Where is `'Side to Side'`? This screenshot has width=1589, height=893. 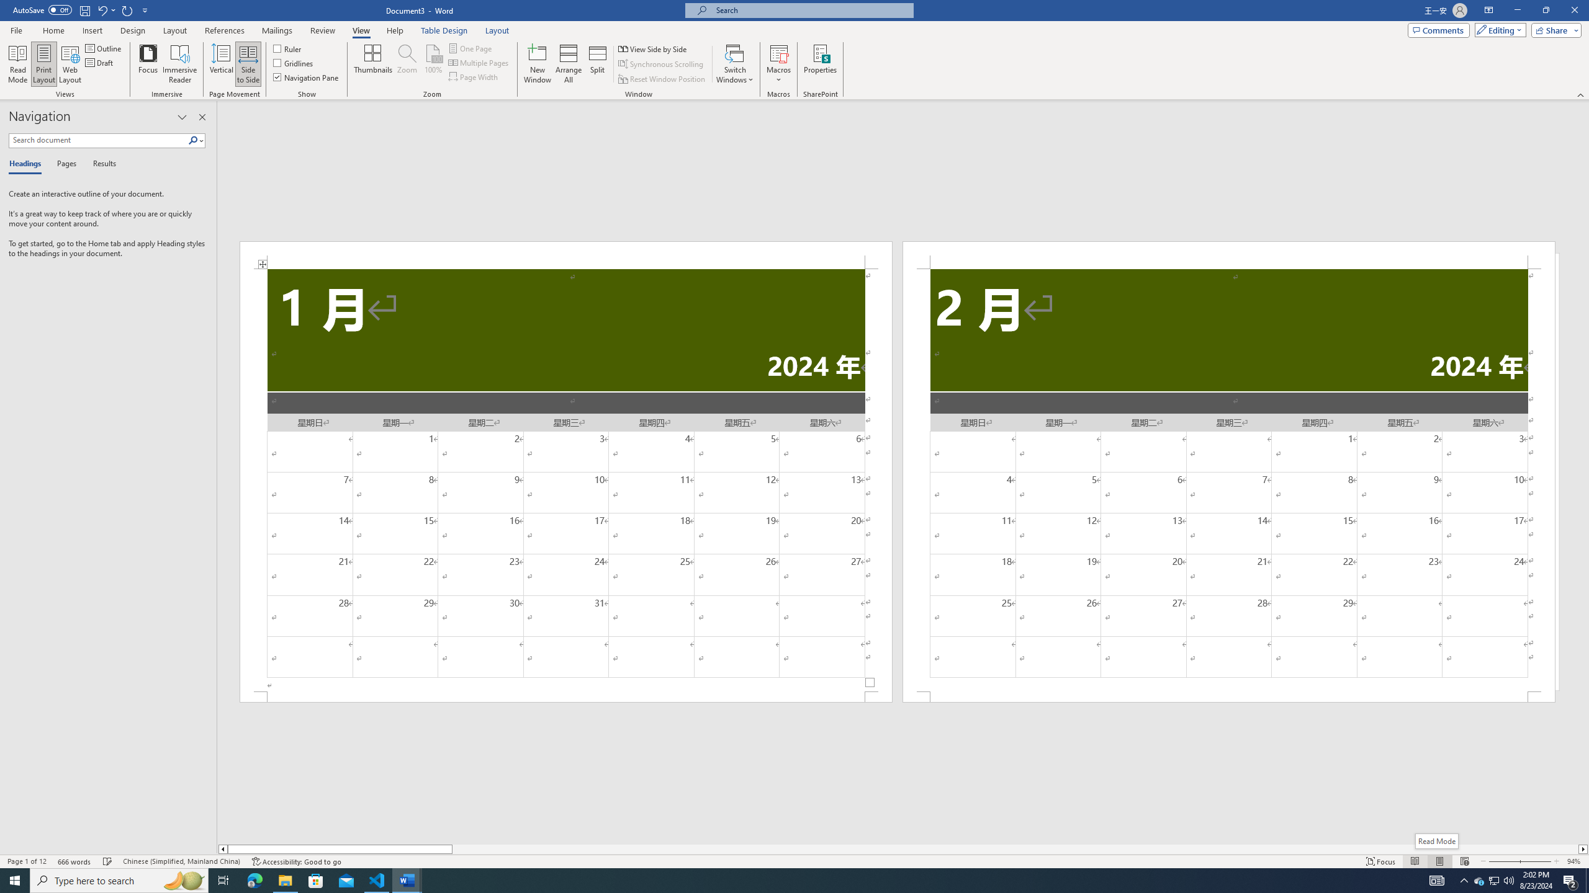
'Side to Side' is located at coordinates (248, 64).